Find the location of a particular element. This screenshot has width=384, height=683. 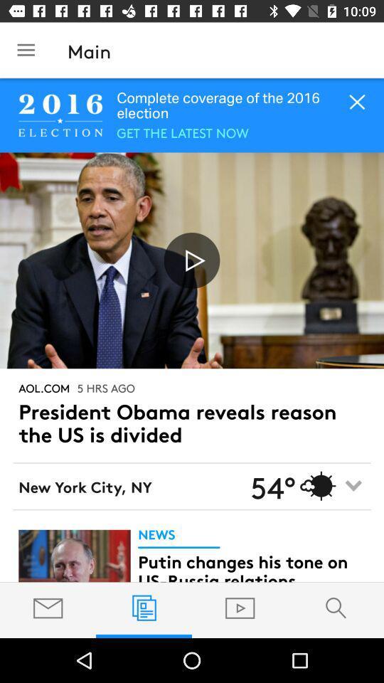

play button is located at coordinates (192, 260).